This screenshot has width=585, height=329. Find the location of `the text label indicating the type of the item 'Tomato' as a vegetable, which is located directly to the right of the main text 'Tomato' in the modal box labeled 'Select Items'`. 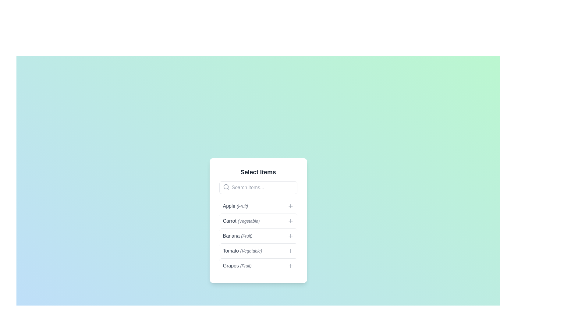

the text label indicating the type of the item 'Tomato' as a vegetable, which is located directly to the right of the main text 'Tomato' in the modal box labeled 'Select Items' is located at coordinates (251, 251).